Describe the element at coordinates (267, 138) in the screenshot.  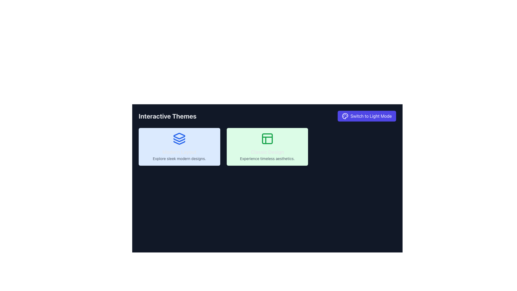
I see `the small rectangular Icon component with rounded corners located within the larger green-themed icon to the left of center, above the label 'Classic Design'` at that location.